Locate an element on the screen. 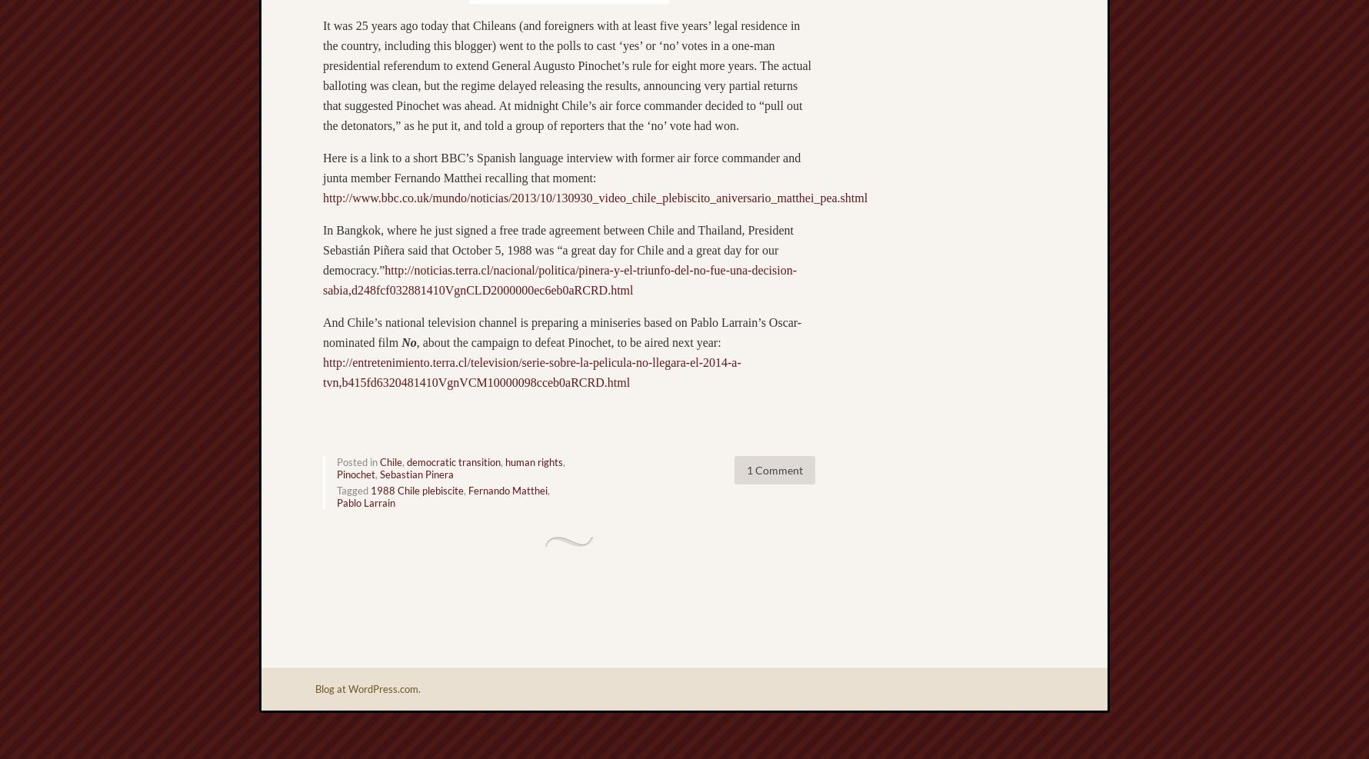 The height and width of the screenshot is (759, 1369). 'Blog at WordPress.com.' is located at coordinates (368, 687).